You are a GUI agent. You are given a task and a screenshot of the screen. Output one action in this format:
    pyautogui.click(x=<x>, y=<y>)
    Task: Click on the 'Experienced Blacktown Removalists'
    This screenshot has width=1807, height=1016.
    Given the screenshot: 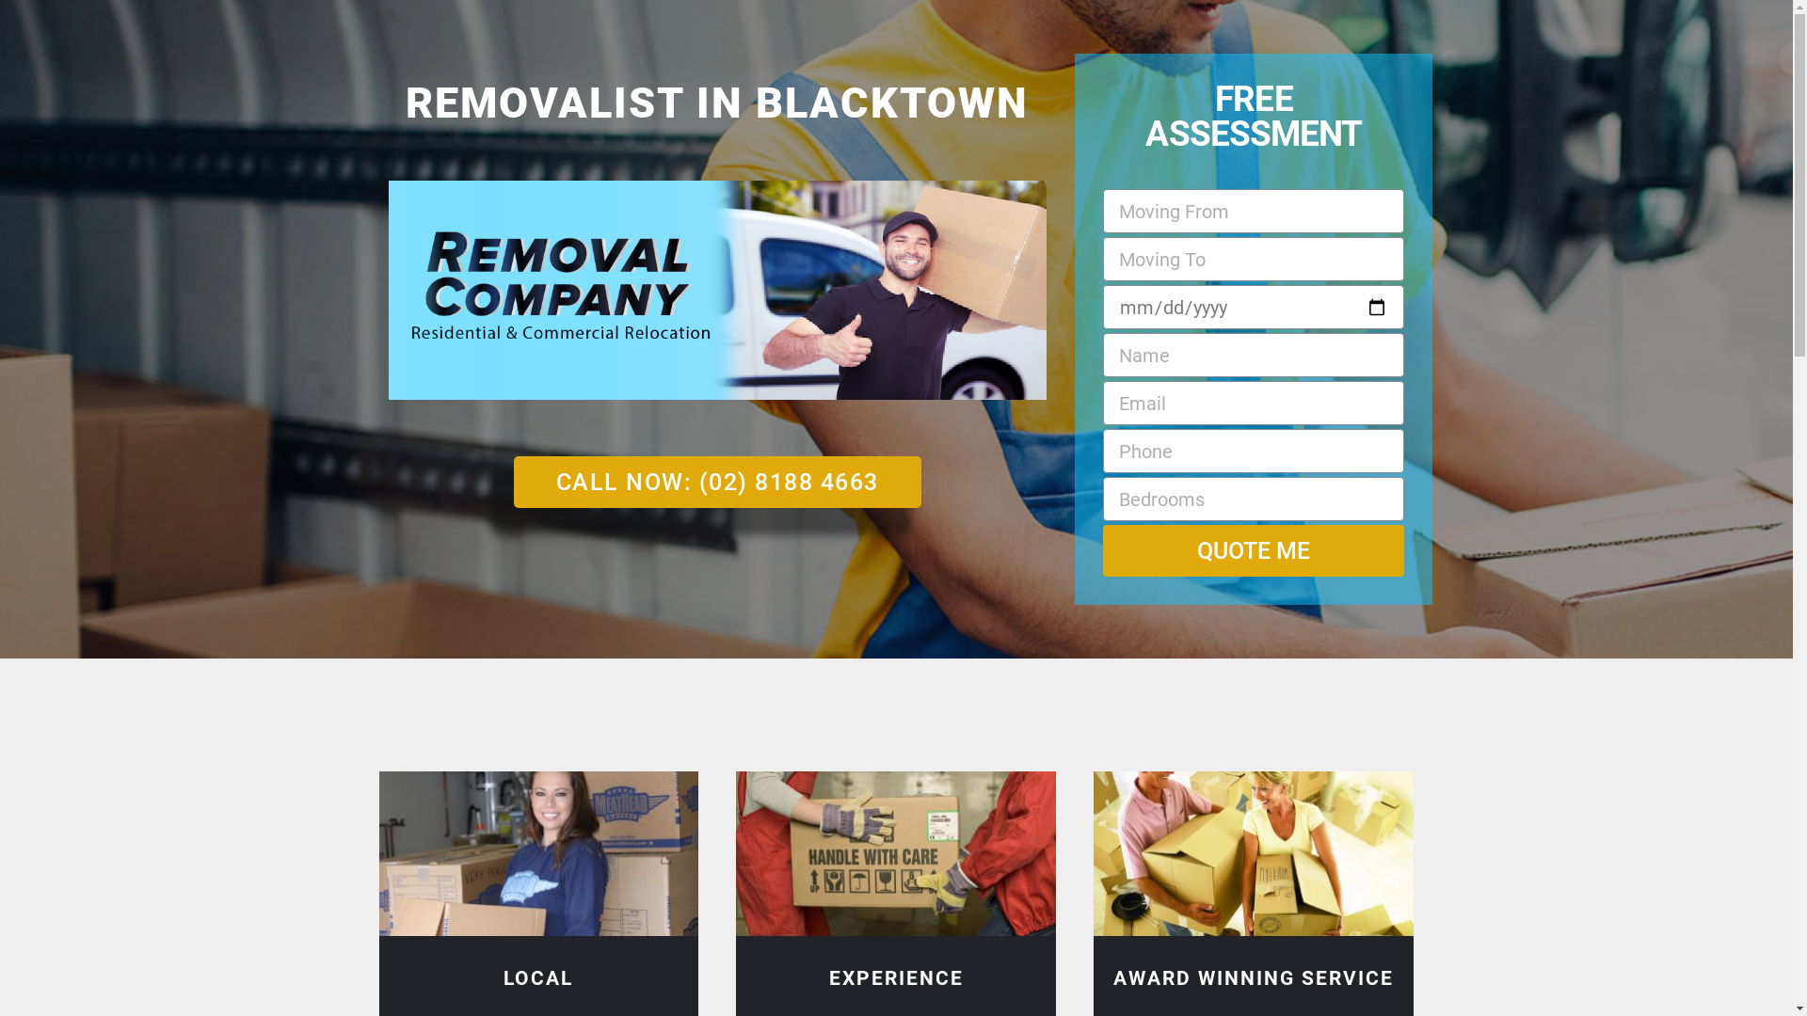 What is the action you would take?
    pyautogui.click(x=894, y=853)
    